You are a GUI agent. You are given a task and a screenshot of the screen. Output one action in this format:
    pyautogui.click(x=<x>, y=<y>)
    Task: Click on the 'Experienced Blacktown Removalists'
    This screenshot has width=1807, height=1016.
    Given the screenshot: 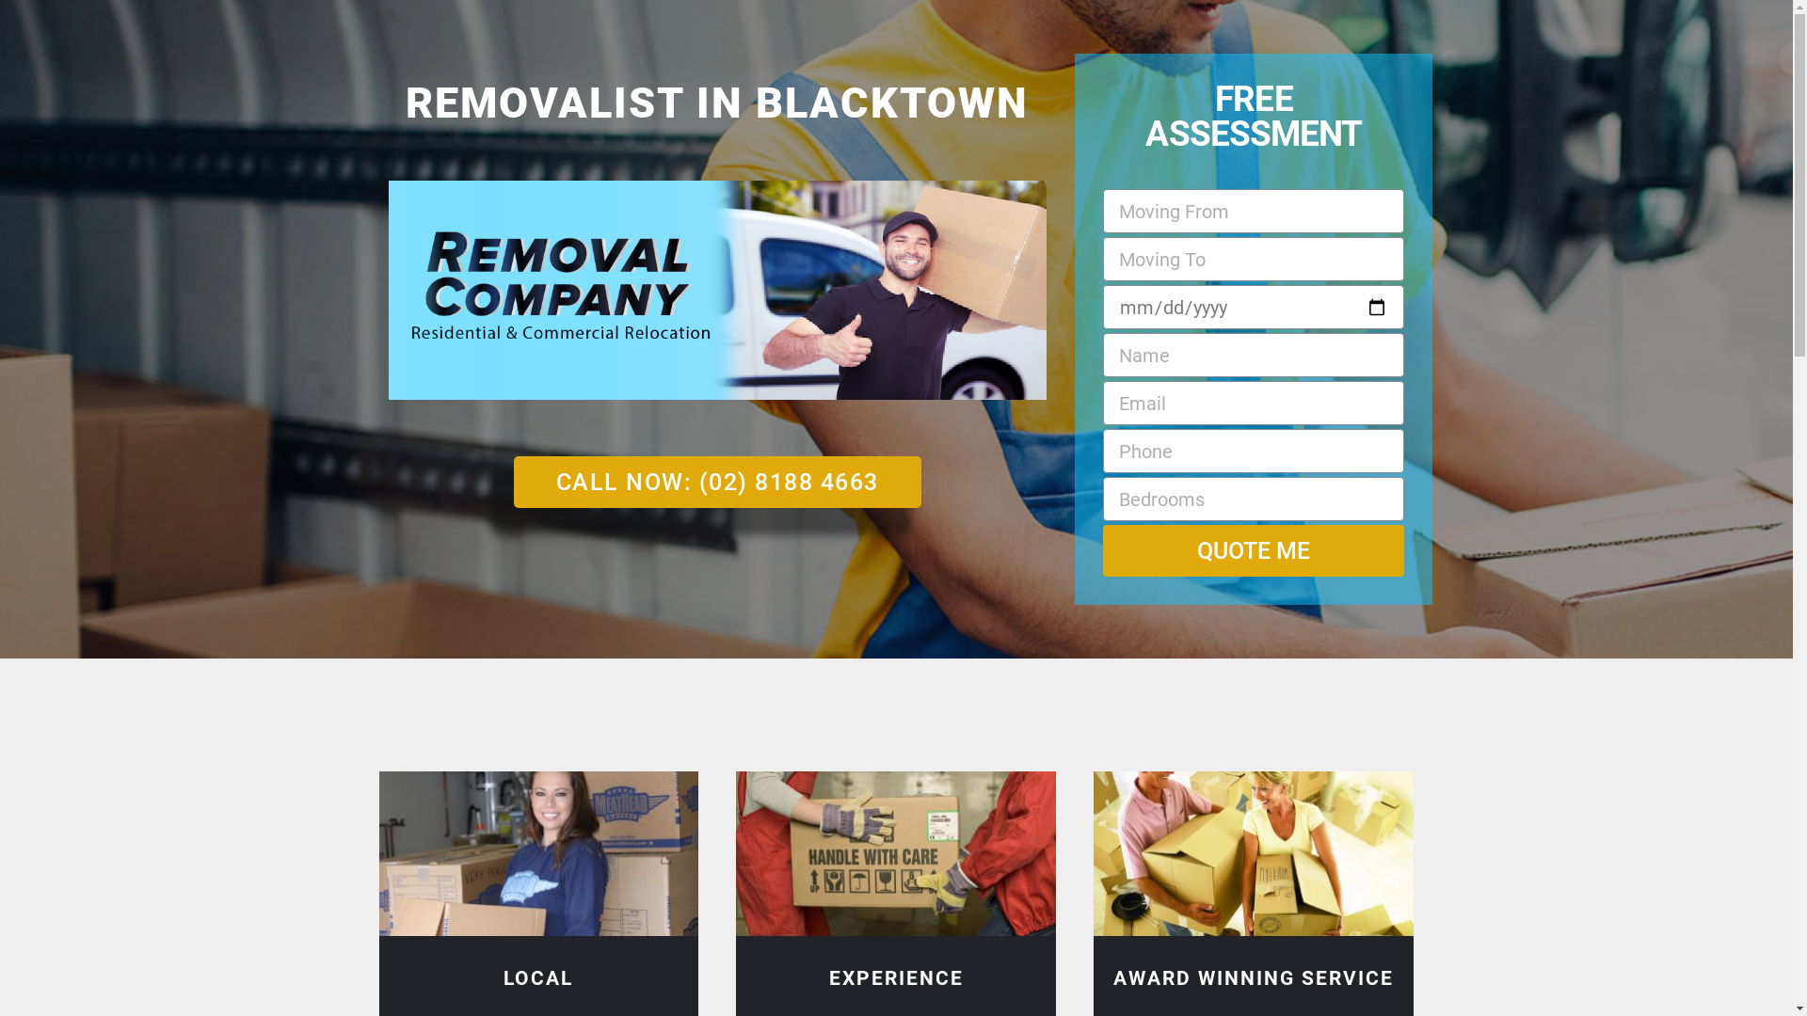 What is the action you would take?
    pyautogui.click(x=894, y=853)
    